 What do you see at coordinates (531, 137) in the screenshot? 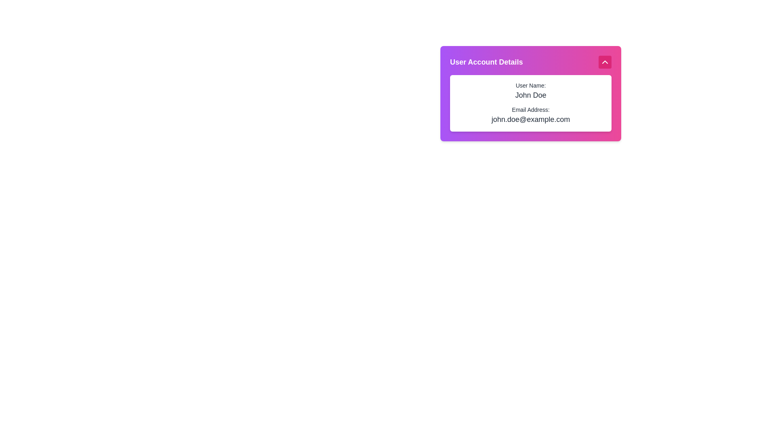
I see `the User Account Details panel with a gradient background featuring a bold white title and a pink button with a chevron icon` at bounding box center [531, 137].